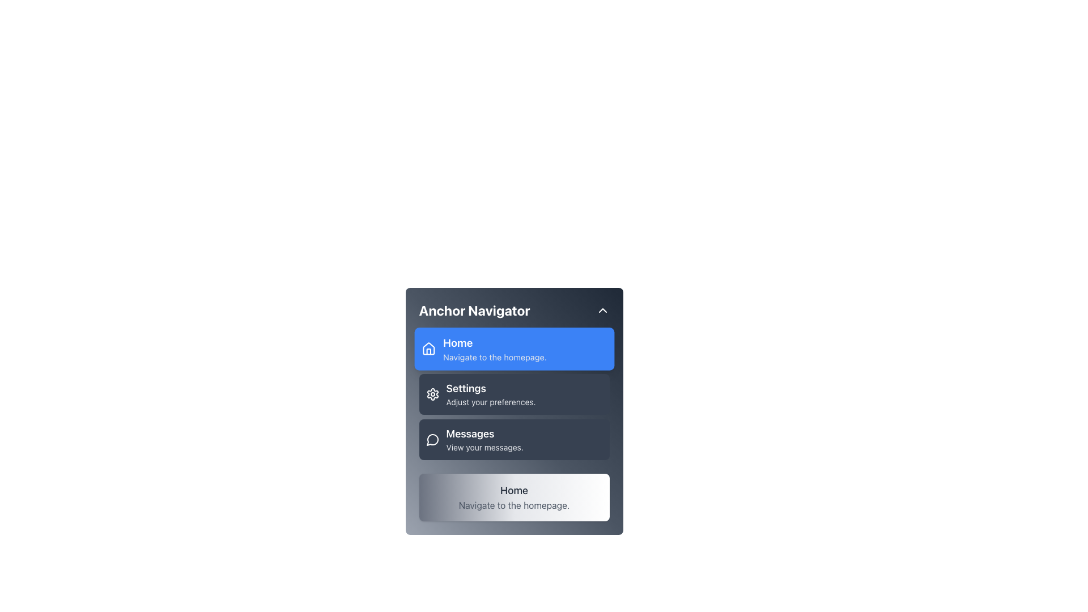 This screenshot has height=612, width=1088. I want to click on the messaging icon located in the 'Messages' section of the navigation list, so click(432, 439).